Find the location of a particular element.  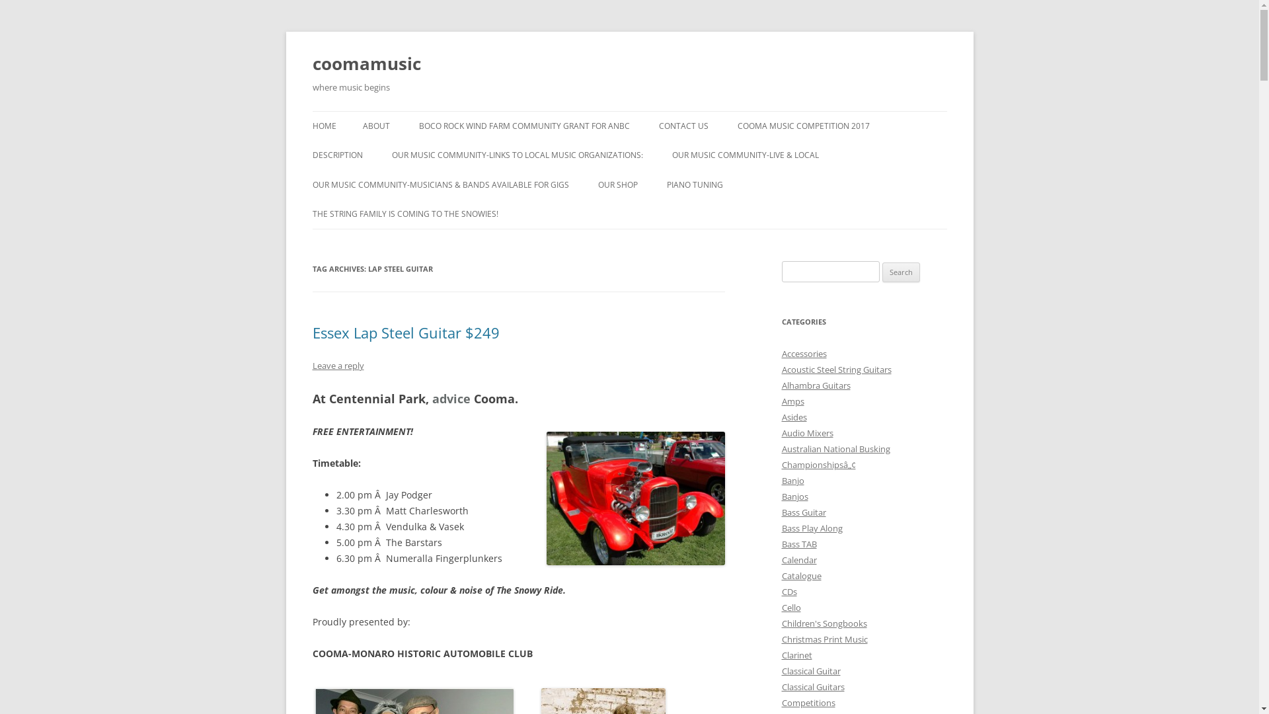

'Bass Guitar' is located at coordinates (802, 512).